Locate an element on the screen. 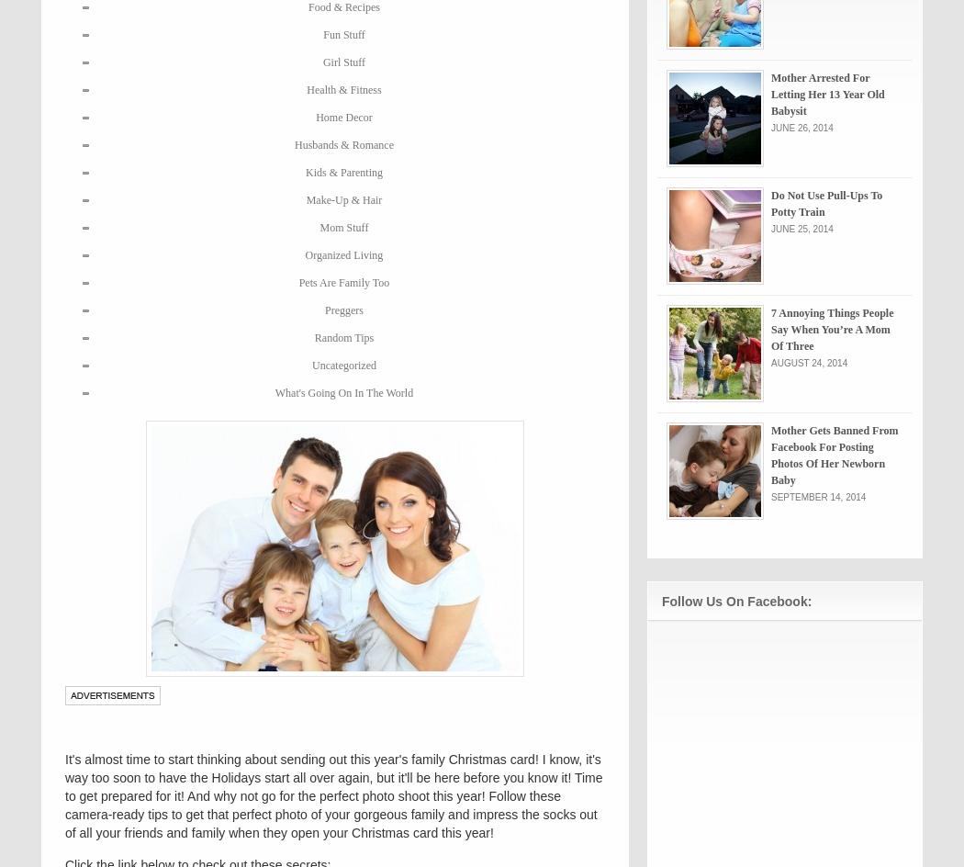 This screenshot has width=964, height=867. 'Organized Living' is located at coordinates (342, 255).